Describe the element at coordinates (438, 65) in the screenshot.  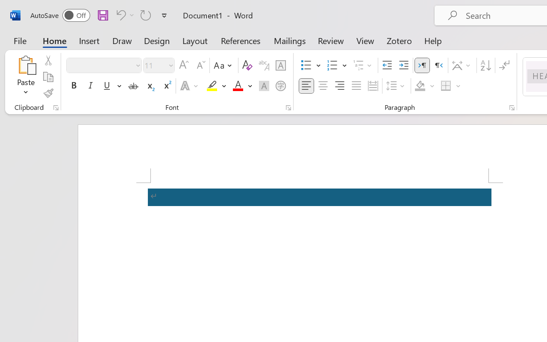
I see `'Right-to-Left'` at that location.